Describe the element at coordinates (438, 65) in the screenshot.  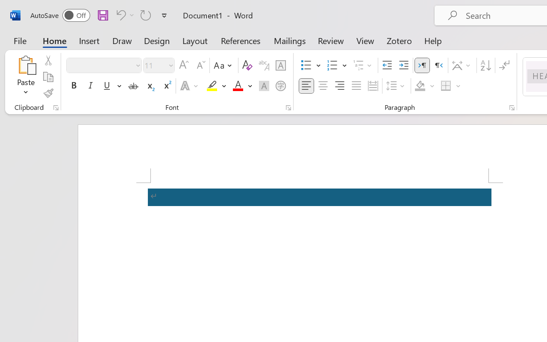
I see `'Right-to-Left'` at that location.